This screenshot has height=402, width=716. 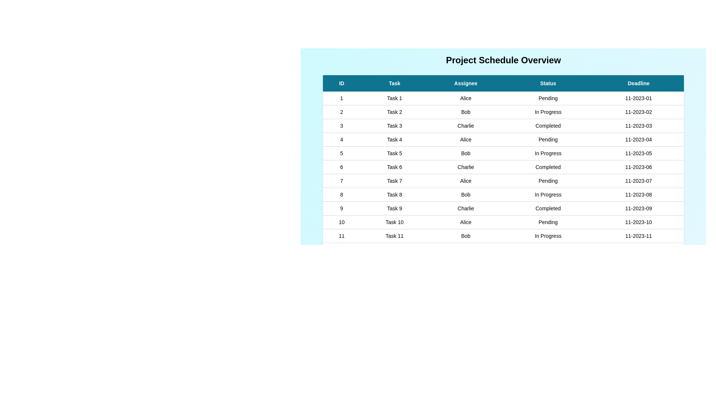 What do you see at coordinates (394, 83) in the screenshot?
I see `the header of the column Task to sort the table by that column` at bounding box center [394, 83].